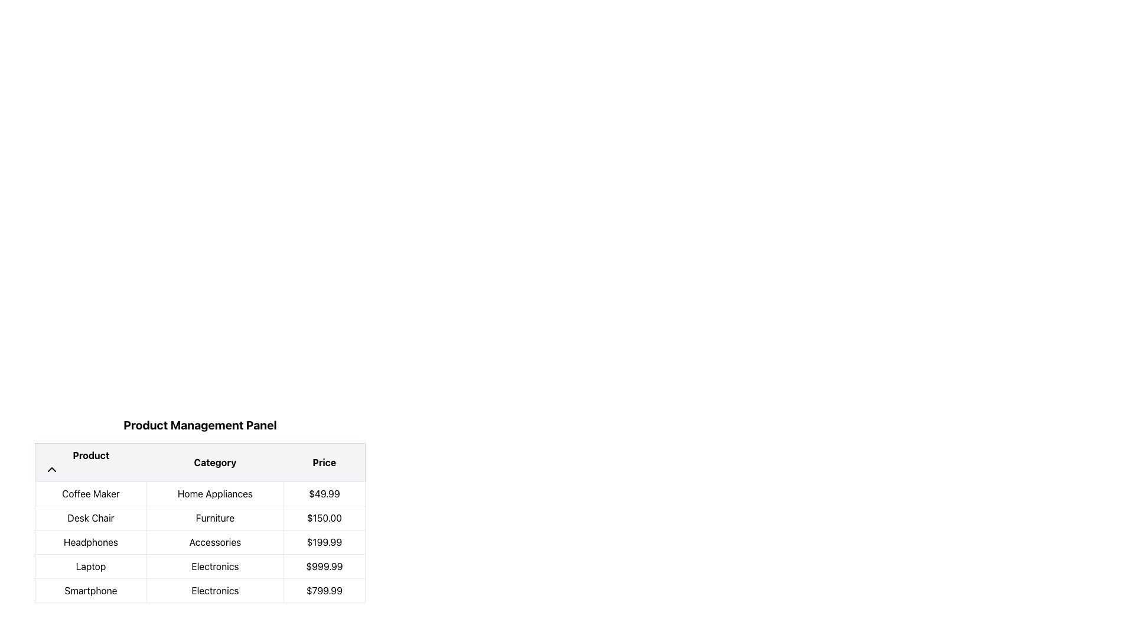  I want to click on a row in the data table UI component located in the Product Management Panel to perform further actions such as editing or viewing details, so click(200, 522).